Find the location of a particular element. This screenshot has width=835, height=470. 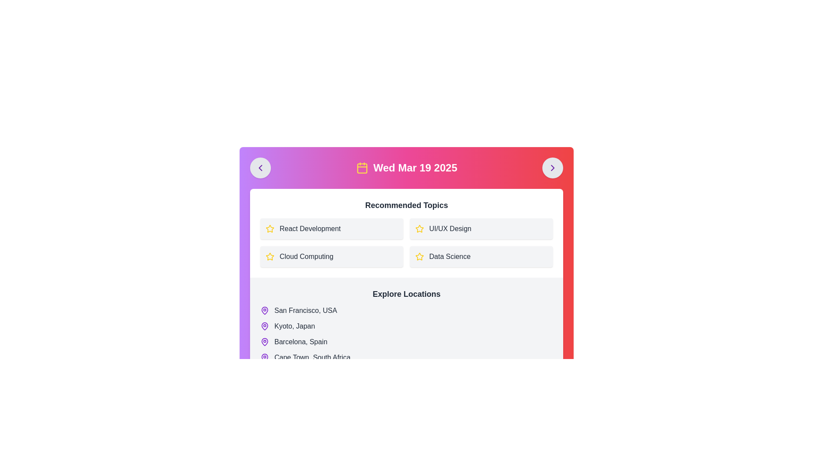

text label displaying 'Cape Town, South Africa' located in the 'Explore Locations' section, positioned next to a map pin icon is located at coordinates (312, 357).